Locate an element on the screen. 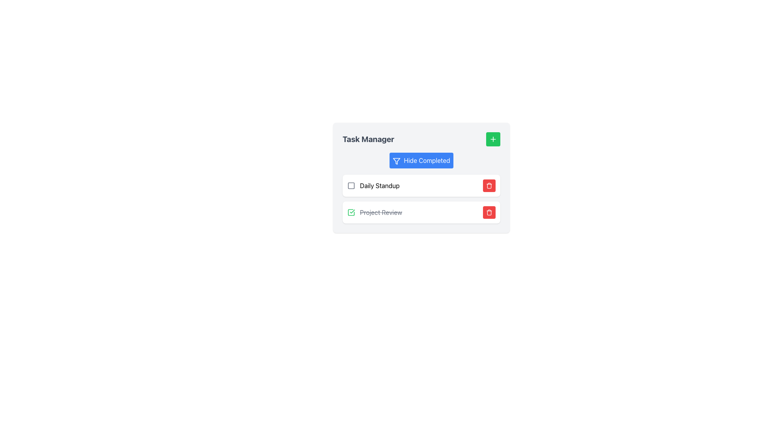 This screenshot has height=425, width=757. the visual feedback of the filter icon located within the blue button labeled 'Hide Completed' in the task management interface is located at coordinates (397, 161).